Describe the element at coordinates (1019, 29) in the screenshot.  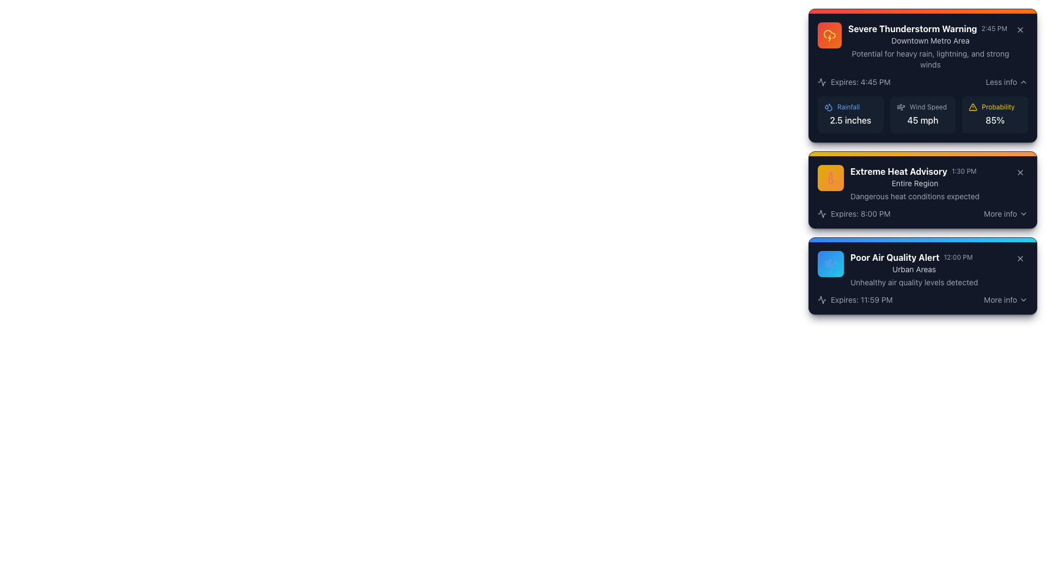
I see `the close icon, represented by an 'X', located in the top-right corner of the 'Severe Thunderstorm Warning' card` at that location.